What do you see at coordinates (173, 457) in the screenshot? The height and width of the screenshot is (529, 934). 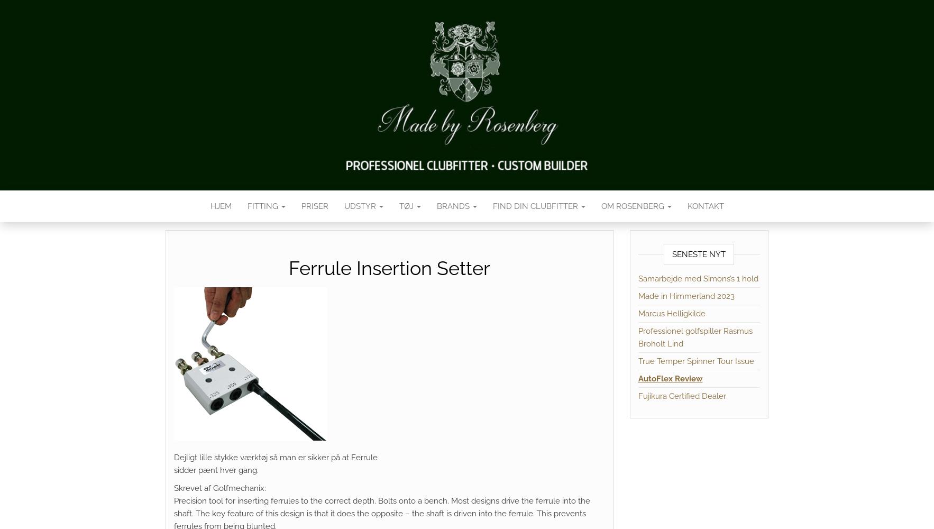 I see `'Dejligt lille stykke værktøj så man er sikker på at Ferrule'` at bounding box center [173, 457].